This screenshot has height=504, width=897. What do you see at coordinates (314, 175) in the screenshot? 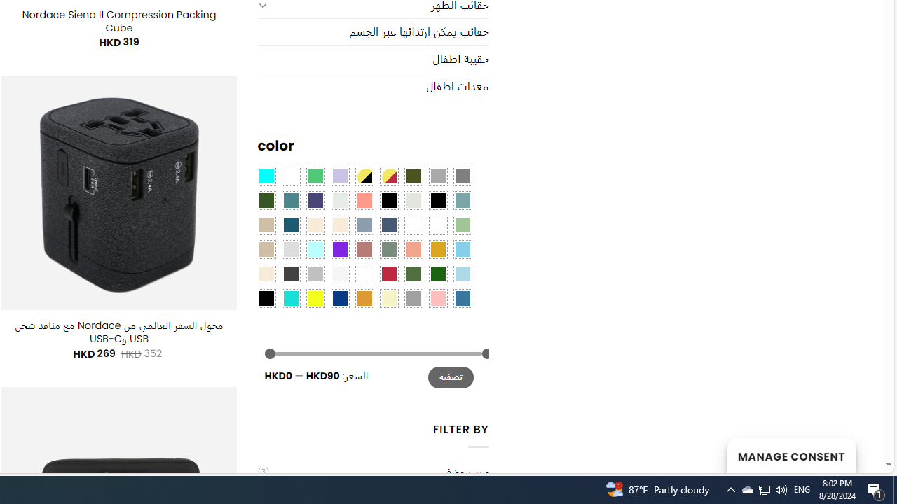
I see `'Emerald Green'` at bounding box center [314, 175].